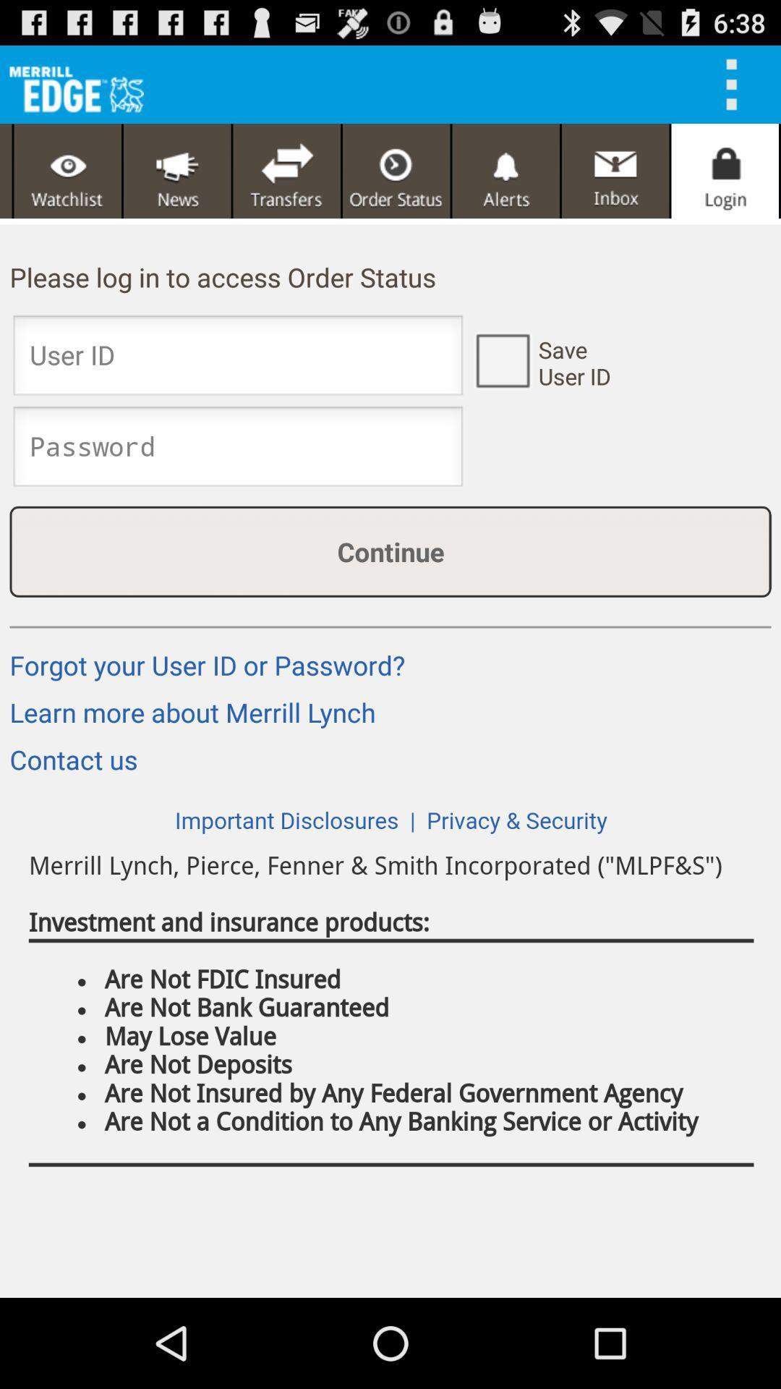 The width and height of the screenshot is (781, 1389). What do you see at coordinates (237, 450) in the screenshot?
I see `enter password screen` at bounding box center [237, 450].